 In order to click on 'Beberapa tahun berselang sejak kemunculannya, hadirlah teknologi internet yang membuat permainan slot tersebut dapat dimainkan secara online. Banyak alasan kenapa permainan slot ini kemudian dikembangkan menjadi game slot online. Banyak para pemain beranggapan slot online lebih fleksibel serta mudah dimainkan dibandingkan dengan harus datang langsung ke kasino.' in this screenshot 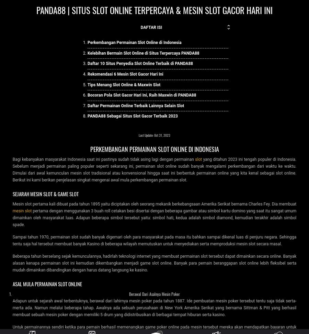, I will do `click(154, 263)`.